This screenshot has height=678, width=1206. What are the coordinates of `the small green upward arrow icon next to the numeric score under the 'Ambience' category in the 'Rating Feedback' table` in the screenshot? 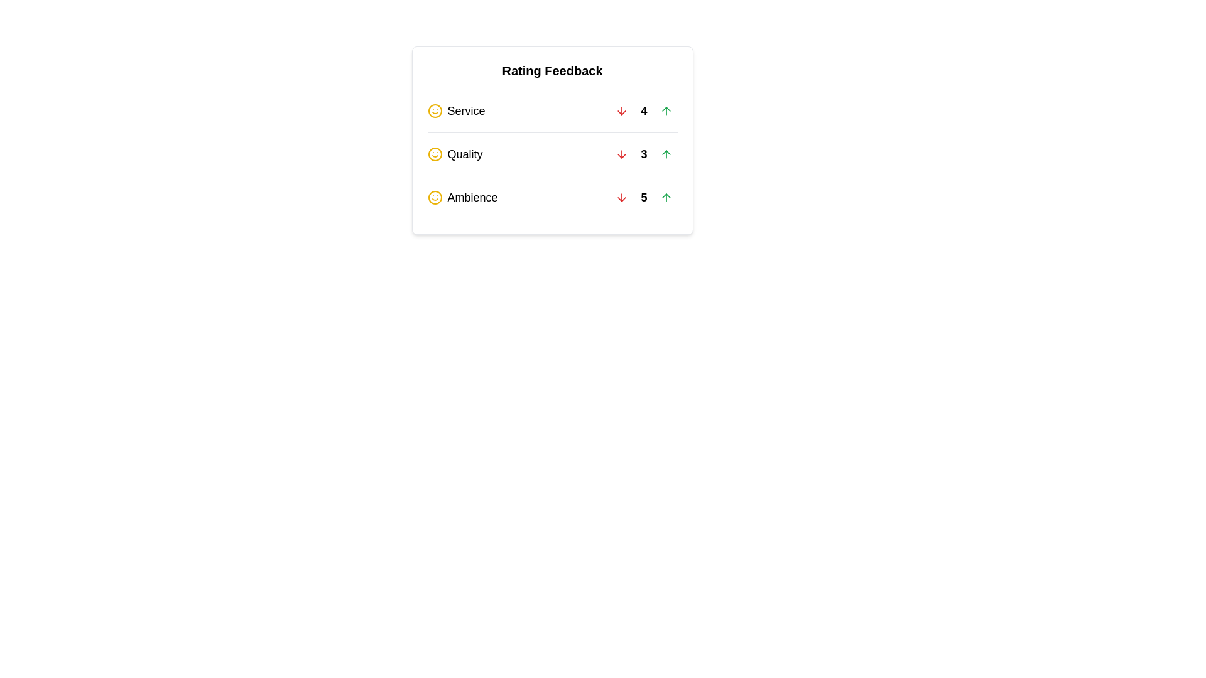 It's located at (665, 198).